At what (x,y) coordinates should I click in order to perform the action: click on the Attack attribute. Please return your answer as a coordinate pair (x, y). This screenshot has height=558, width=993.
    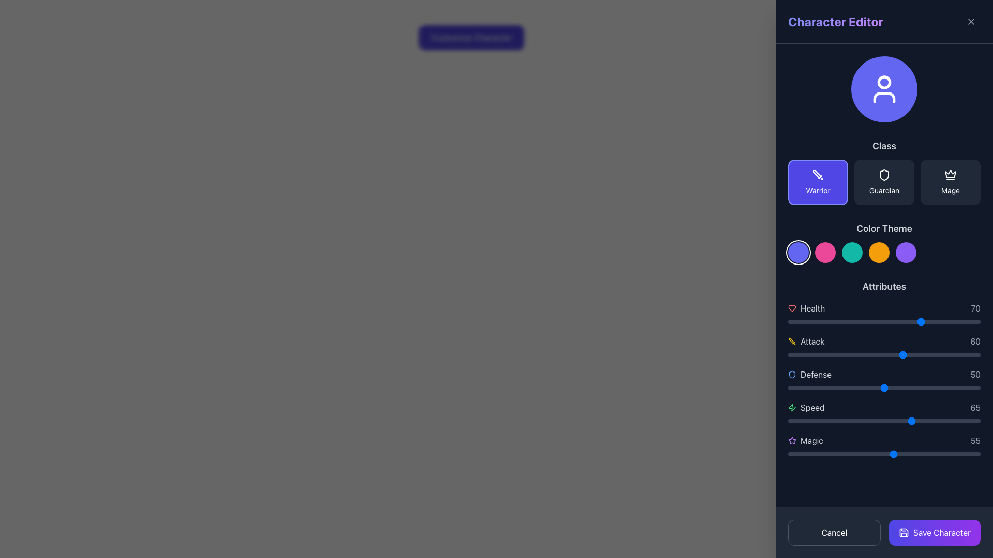
    Looking at the image, I should click on (925, 354).